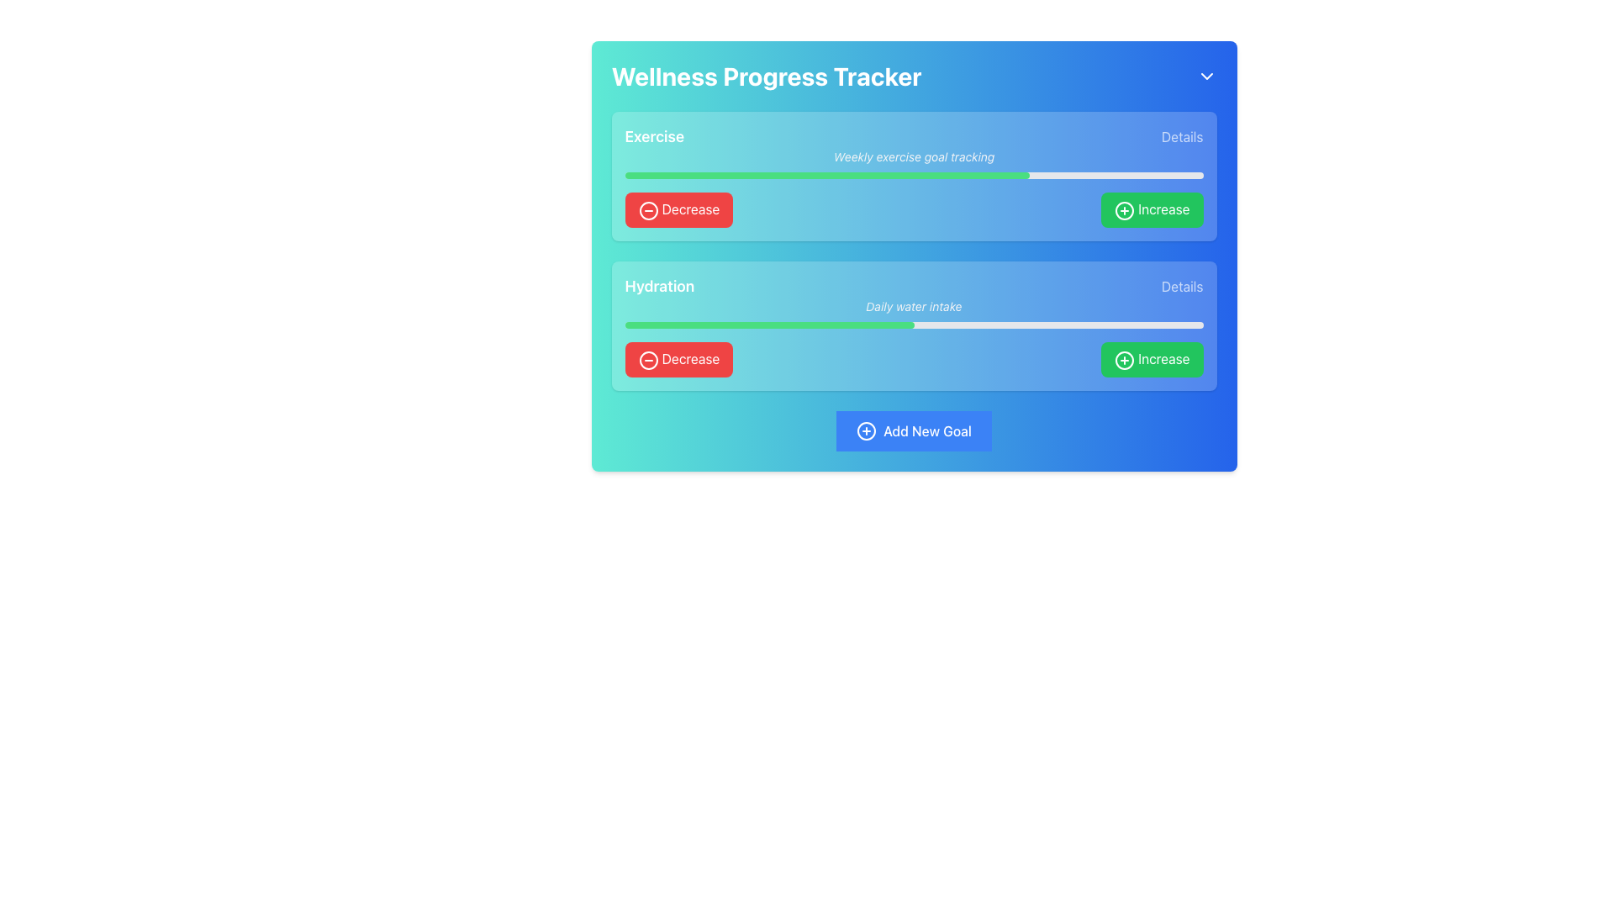 This screenshot has height=908, width=1614. I want to click on the decorative circle within the 'Add New Goal' button at the bottom of the interface, so click(867, 430).